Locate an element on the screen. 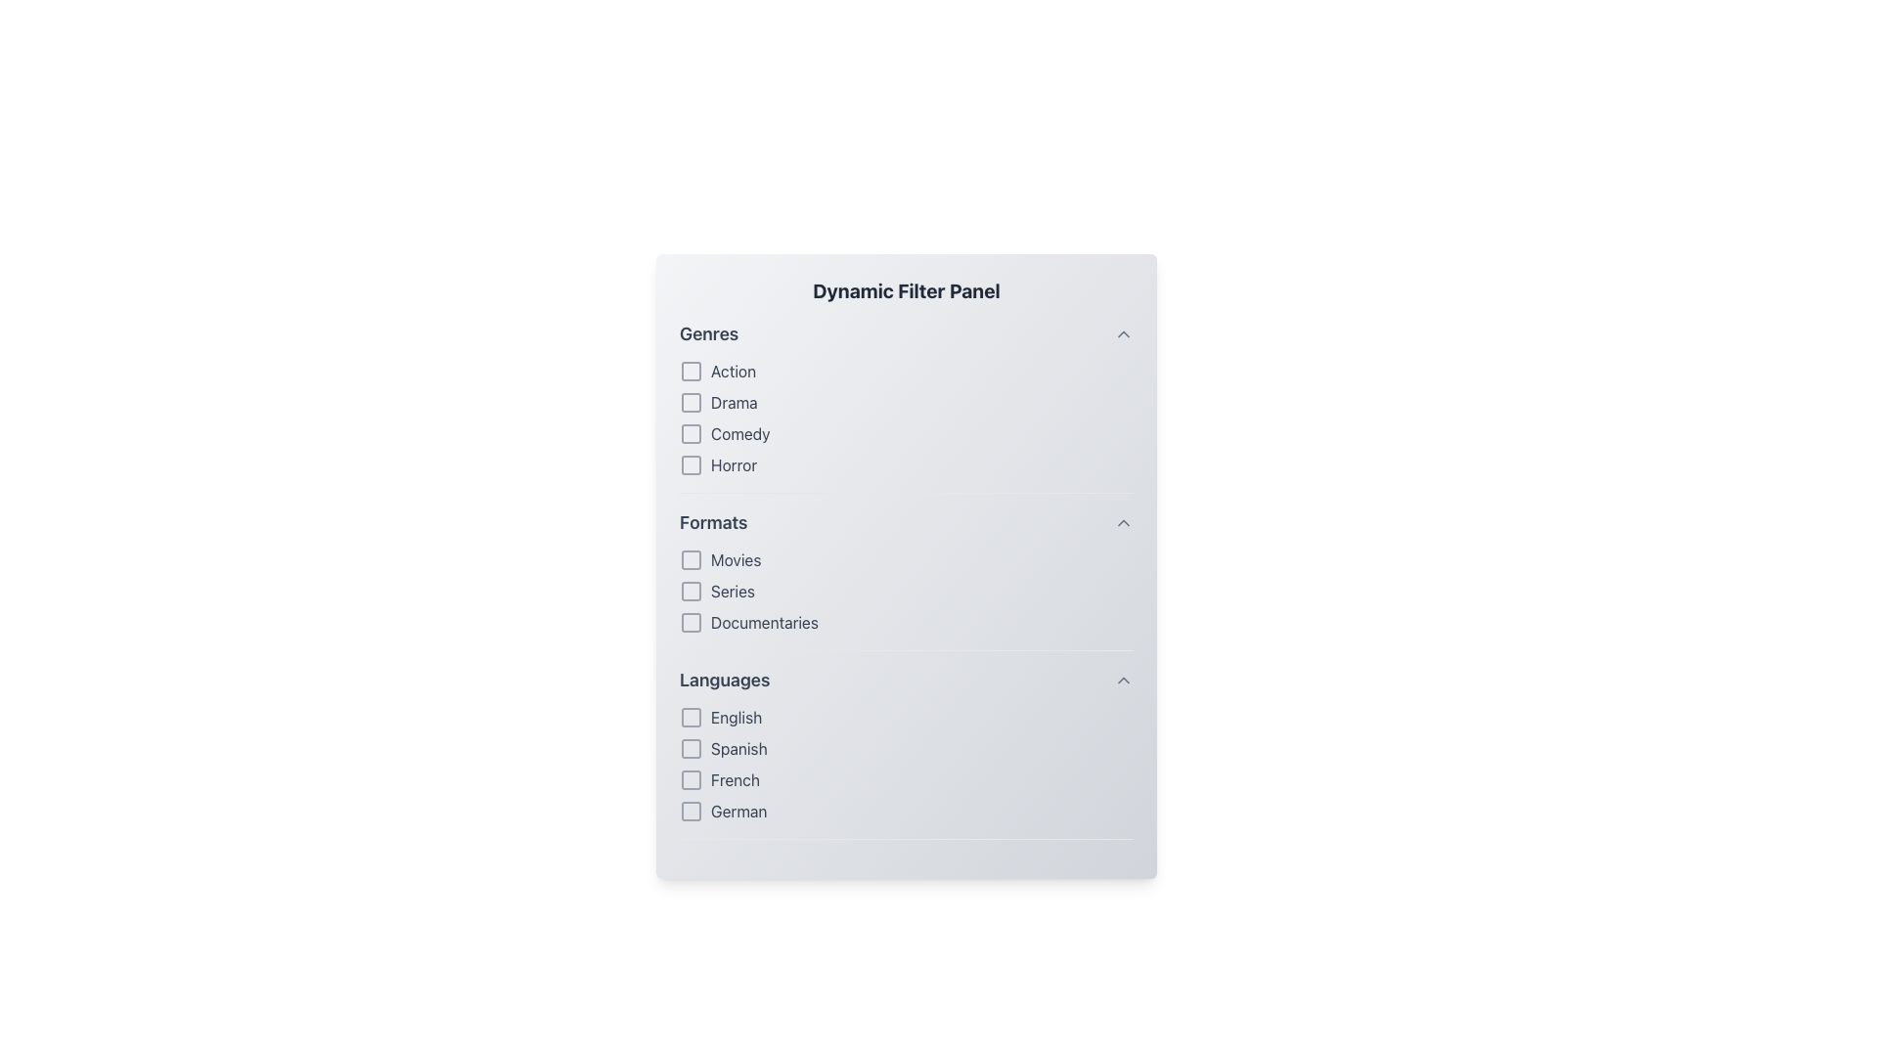 The height and width of the screenshot is (1056, 1878). the toggle button for collapsing or expanding the 'Languages' section in the filter panel to observe highlighting effects is located at coordinates (1123, 679).